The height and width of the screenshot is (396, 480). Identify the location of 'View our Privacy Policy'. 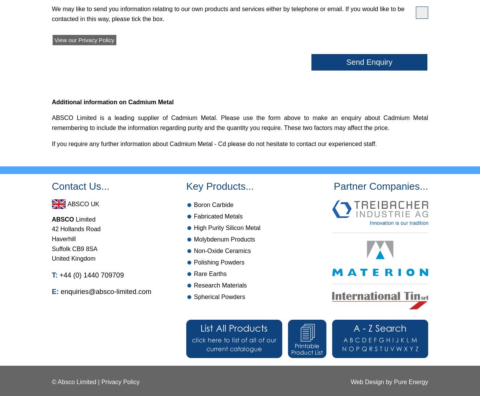
(84, 39).